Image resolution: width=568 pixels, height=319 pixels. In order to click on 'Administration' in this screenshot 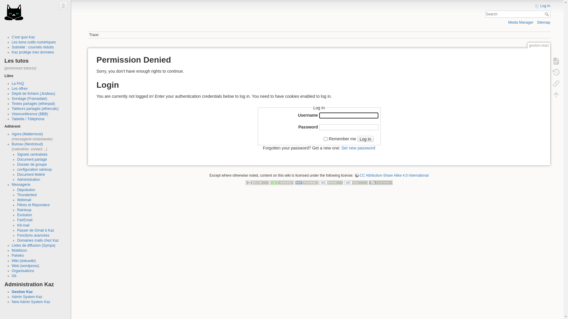, I will do `click(28, 179)`.